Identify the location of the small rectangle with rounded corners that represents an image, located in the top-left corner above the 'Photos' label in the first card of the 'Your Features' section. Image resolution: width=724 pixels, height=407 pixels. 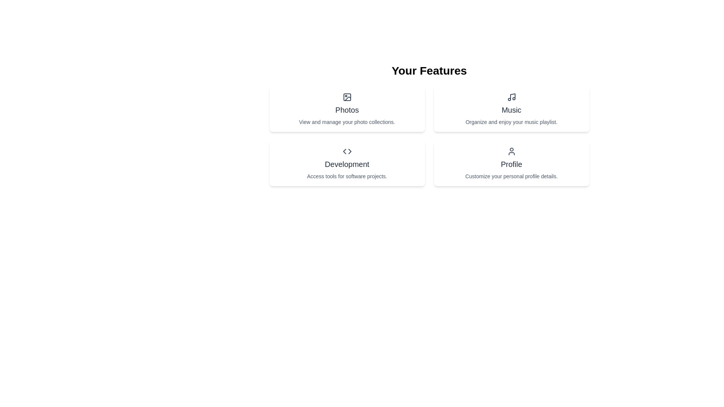
(347, 97).